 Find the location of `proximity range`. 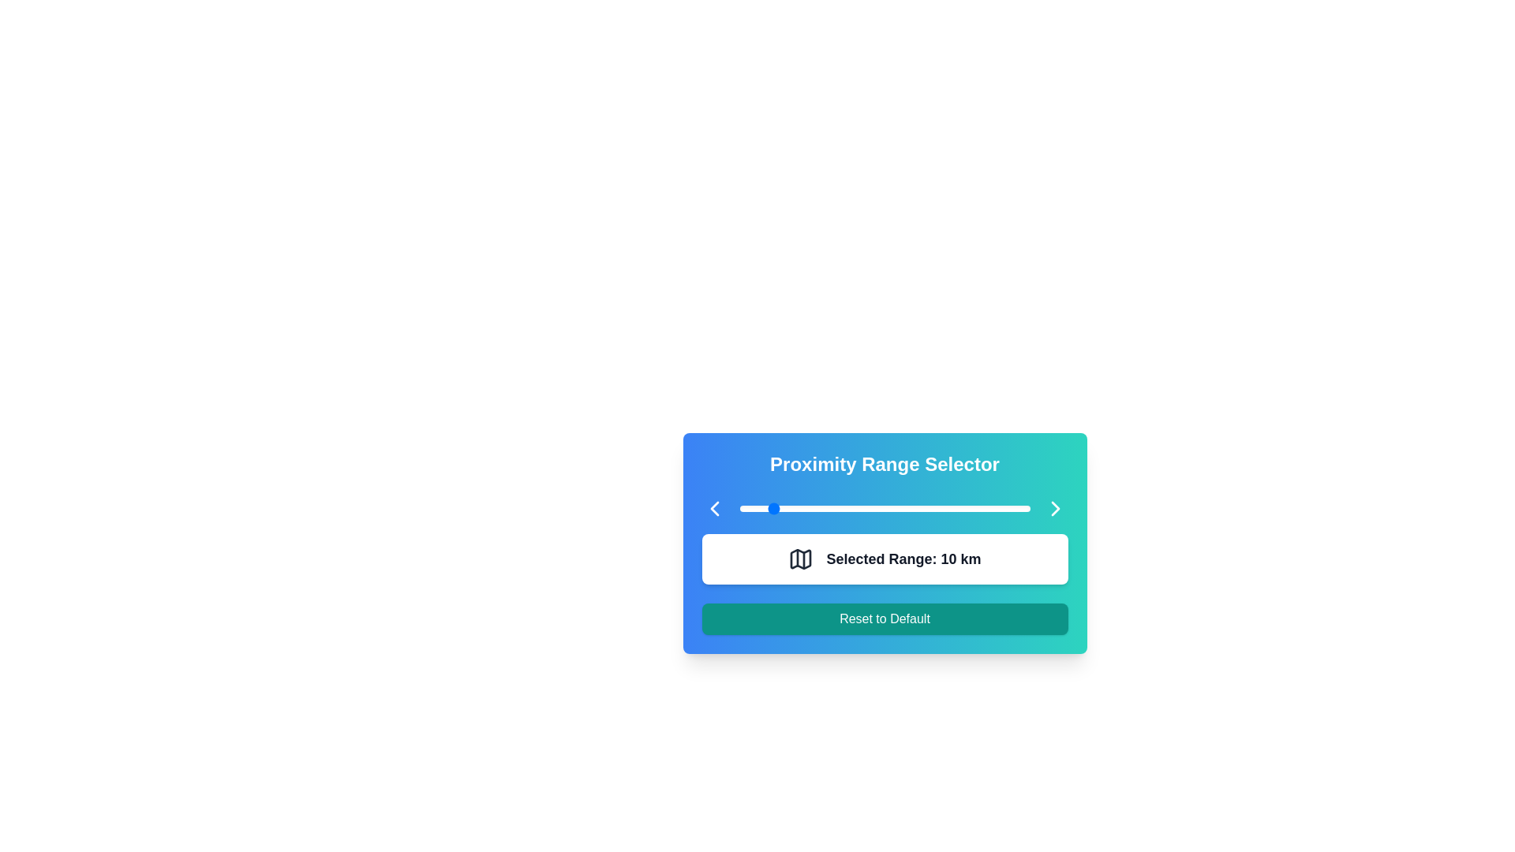

proximity range is located at coordinates (863, 508).